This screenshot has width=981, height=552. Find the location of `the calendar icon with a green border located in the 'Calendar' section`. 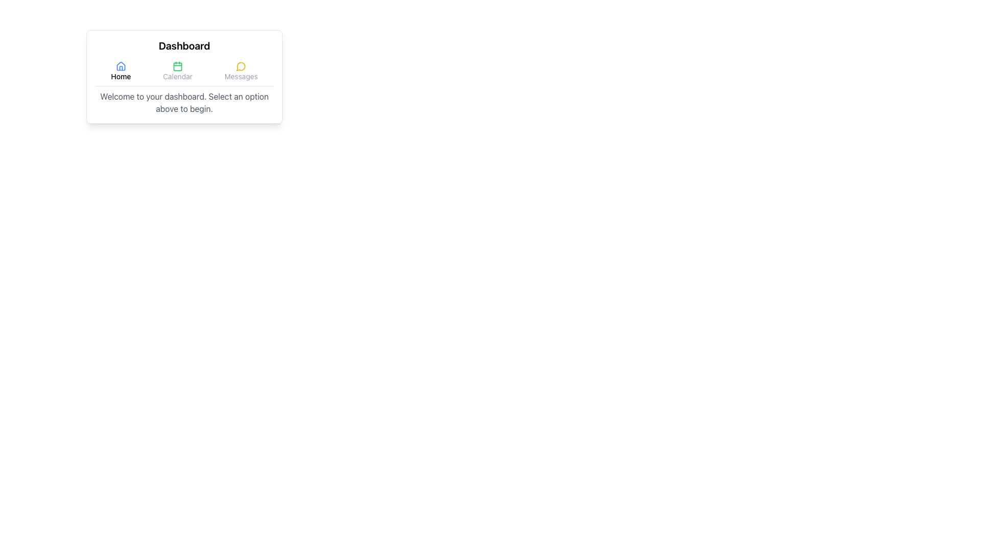

the calendar icon with a green border located in the 'Calendar' section is located at coordinates (177, 66).